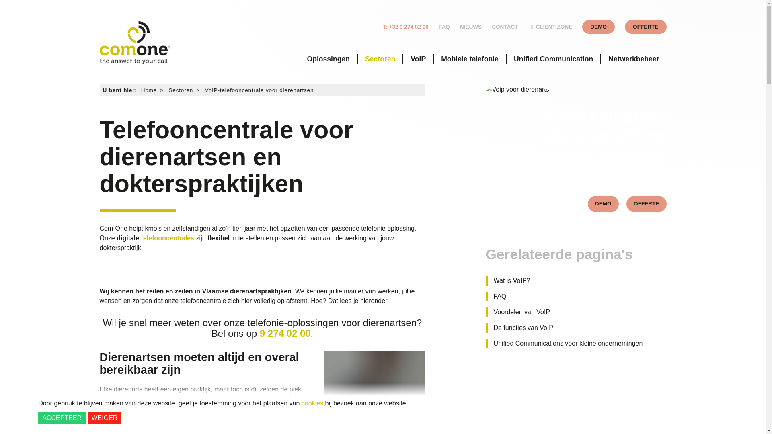 This screenshot has width=772, height=434. What do you see at coordinates (301, 403) in the screenshot?
I see `'cookies'` at bounding box center [301, 403].